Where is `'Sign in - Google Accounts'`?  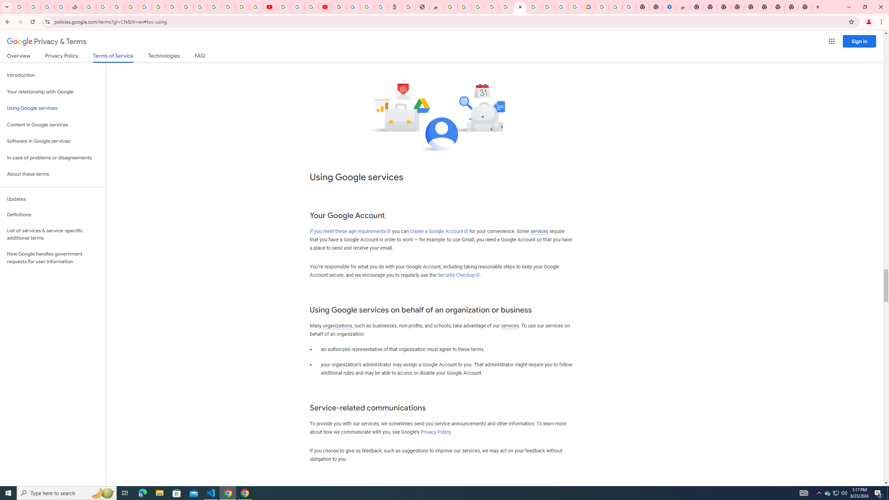 'Sign in - Google Accounts' is located at coordinates (353, 7).